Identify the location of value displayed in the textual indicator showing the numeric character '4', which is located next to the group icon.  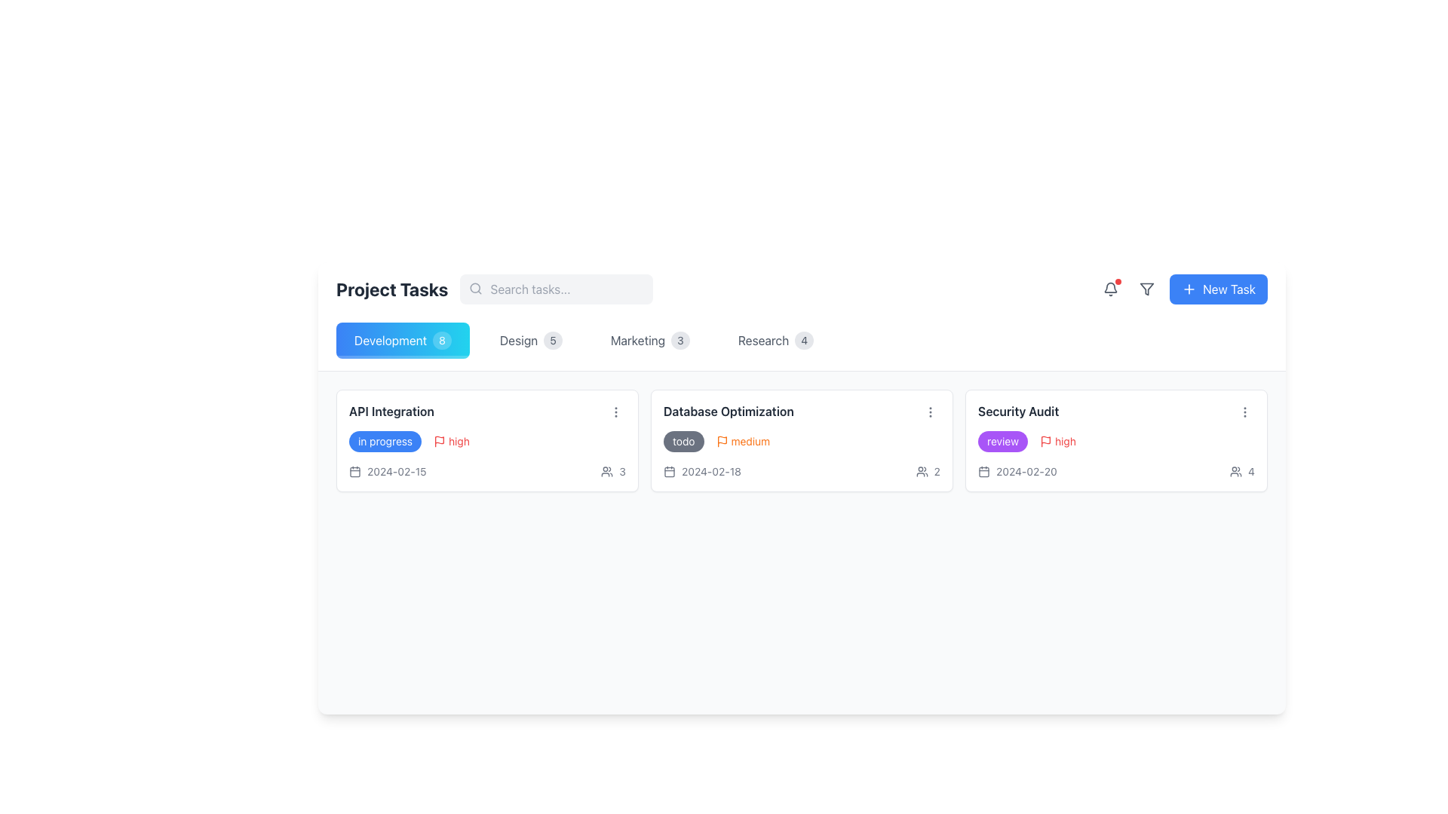
(1251, 470).